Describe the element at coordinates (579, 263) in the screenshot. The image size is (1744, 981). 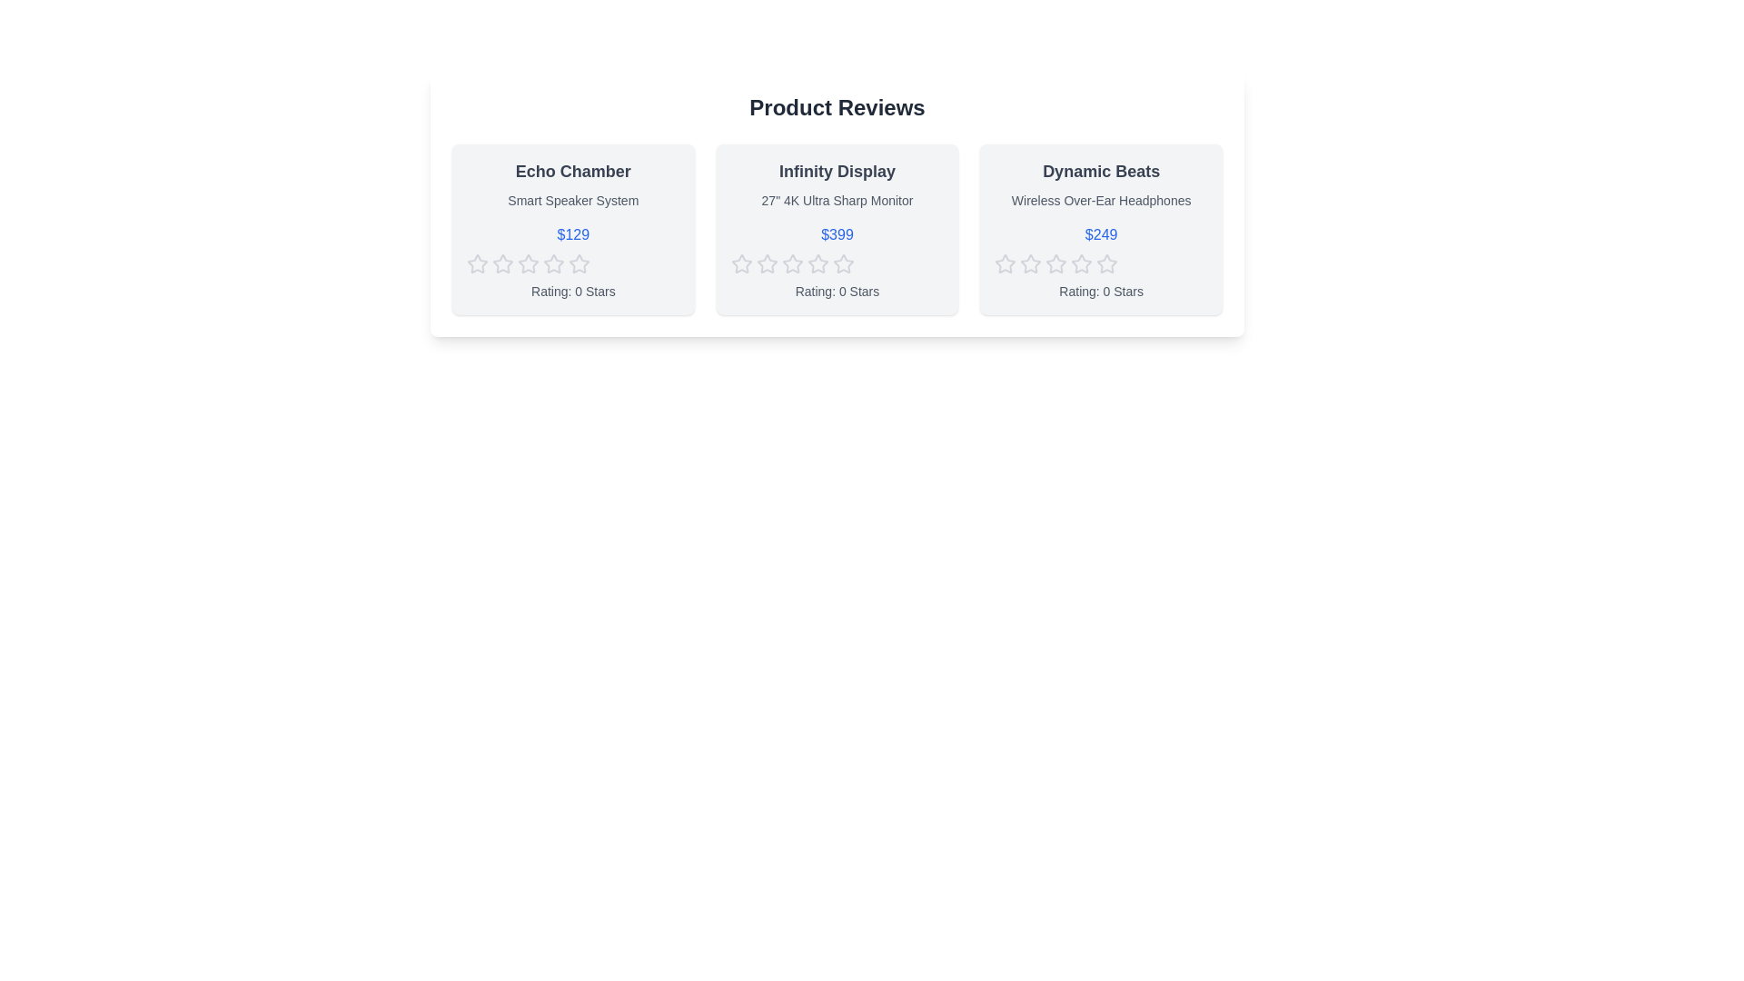
I see `the fourth Rating Star Icon in the 'Echo Chamber' product review card, which is styled in gray and is part of a sequence of five stars used for ratings` at that location.